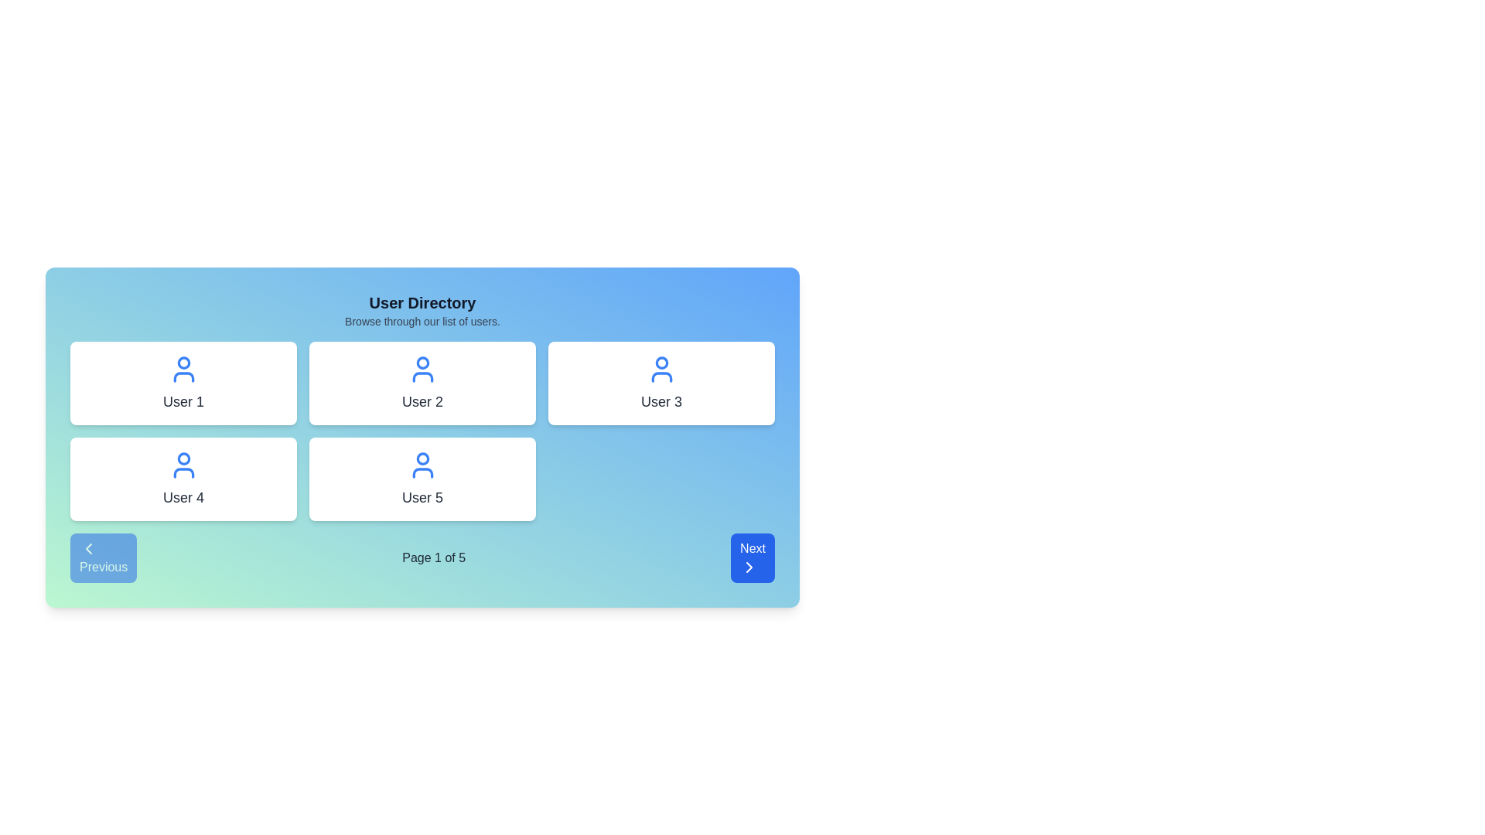 The width and height of the screenshot is (1485, 835). What do you see at coordinates (183, 479) in the screenshot?
I see `to select or interact with the user card representing 'User 4', located in the second row and first column of the user directory grid` at bounding box center [183, 479].